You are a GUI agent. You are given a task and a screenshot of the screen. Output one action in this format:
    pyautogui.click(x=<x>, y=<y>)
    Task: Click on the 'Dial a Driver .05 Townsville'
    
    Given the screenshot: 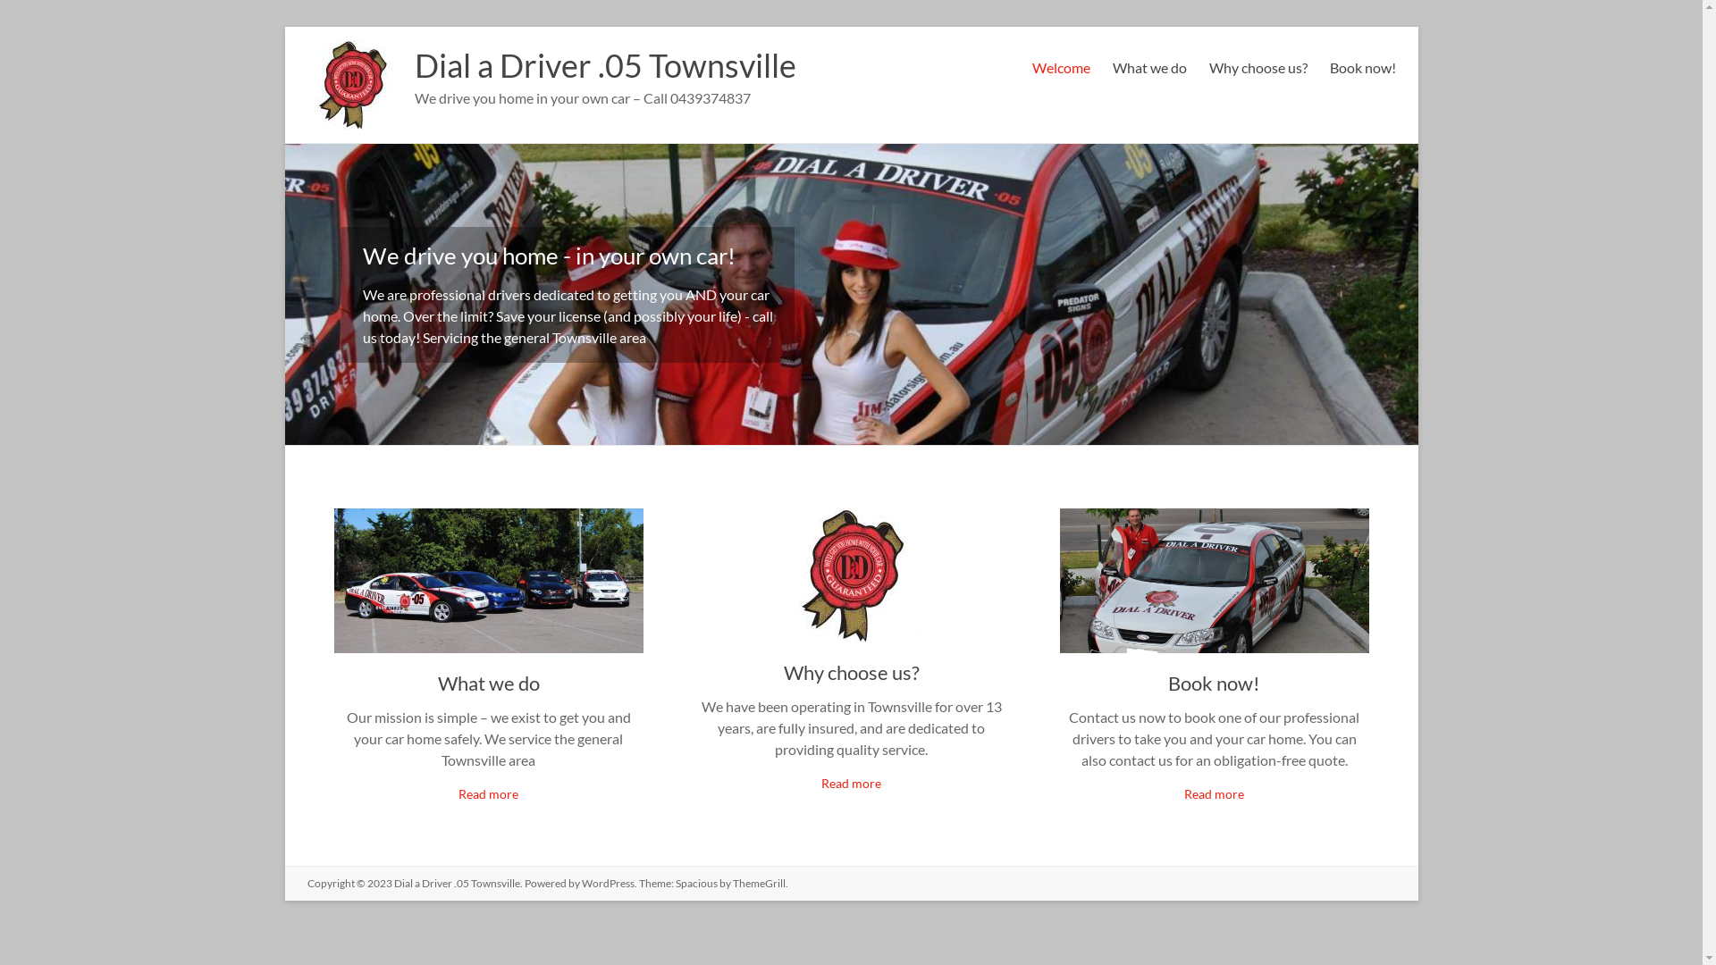 What is the action you would take?
    pyautogui.click(x=605, y=64)
    